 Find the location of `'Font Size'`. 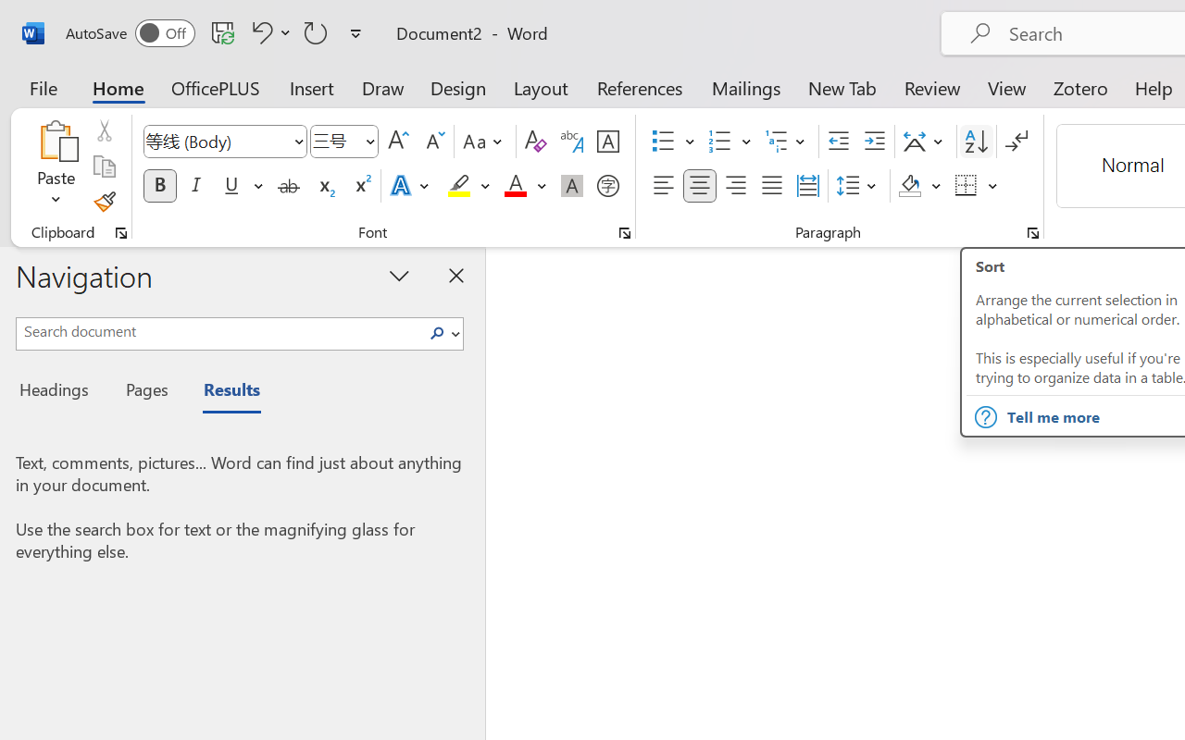

'Font Size' is located at coordinates (344, 142).